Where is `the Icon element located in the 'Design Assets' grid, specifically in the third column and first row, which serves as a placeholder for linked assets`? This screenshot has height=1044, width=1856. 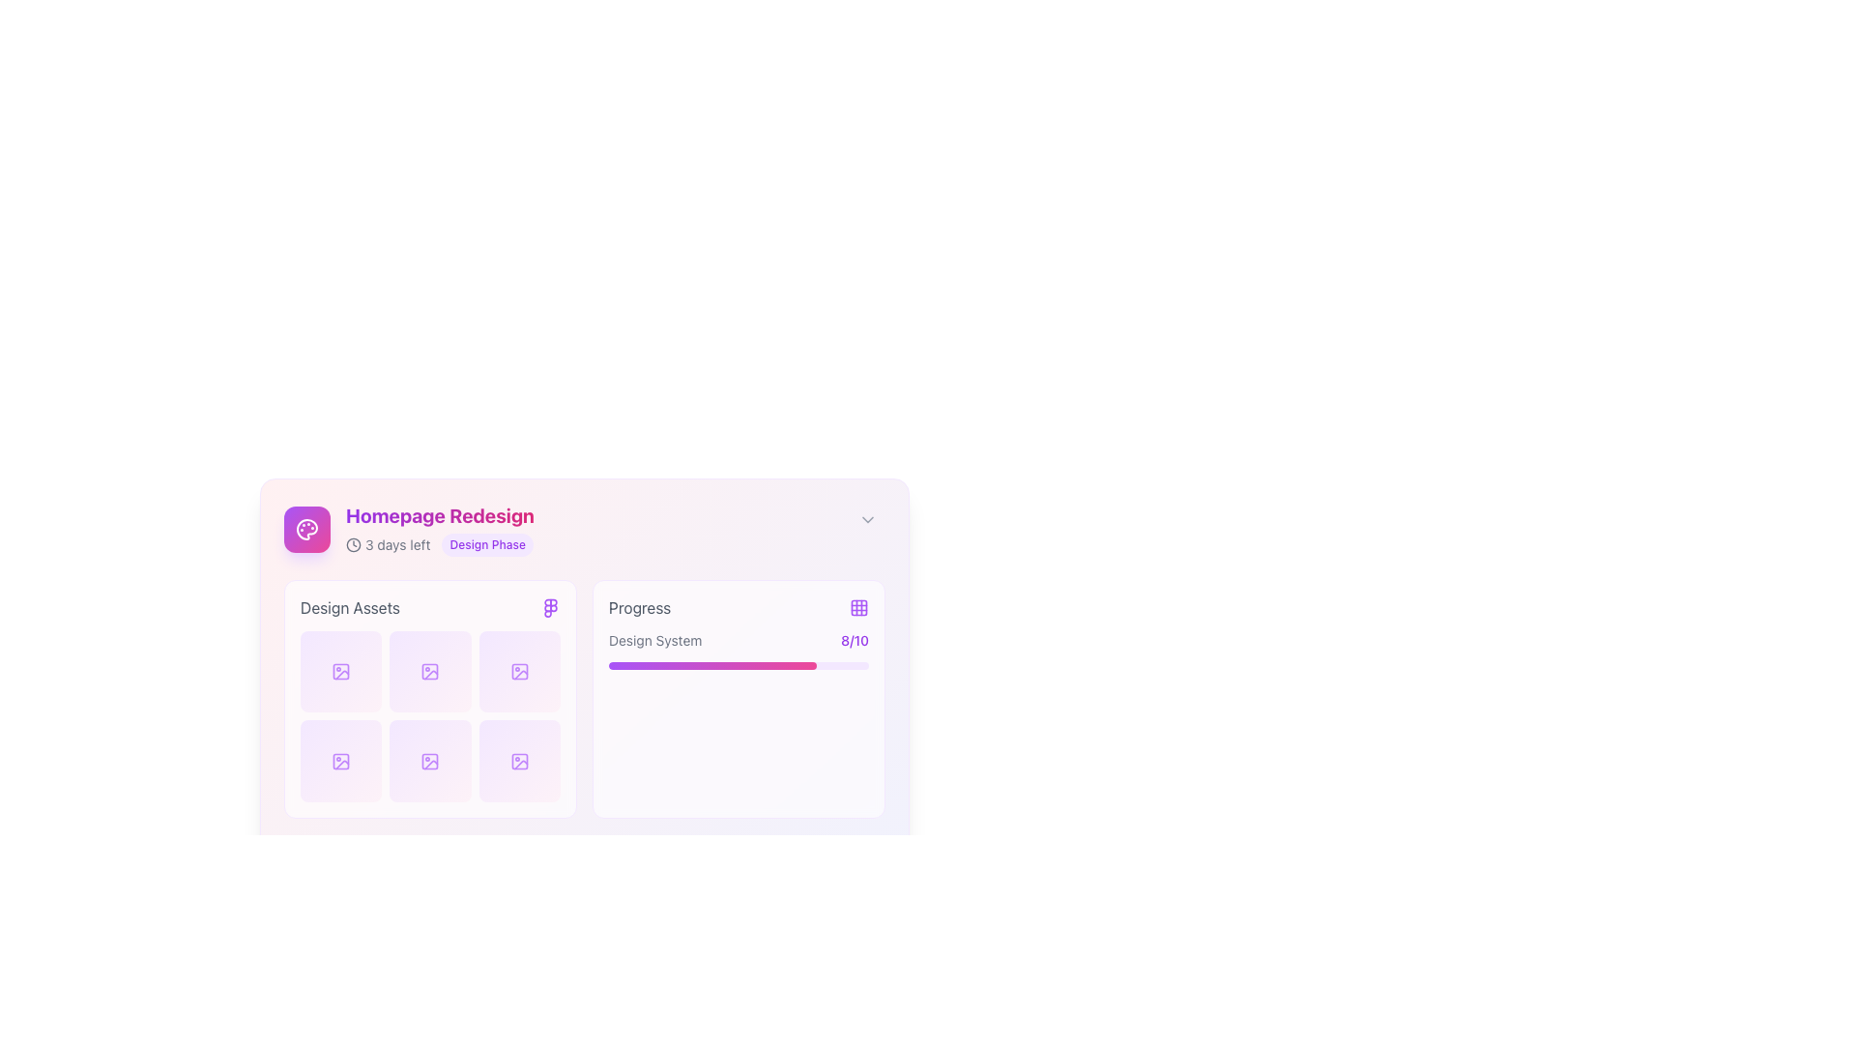
the Icon element located in the 'Design Assets' grid, specifically in the third column and first row, which serves as a placeholder for linked assets is located at coordinates (519, 671).